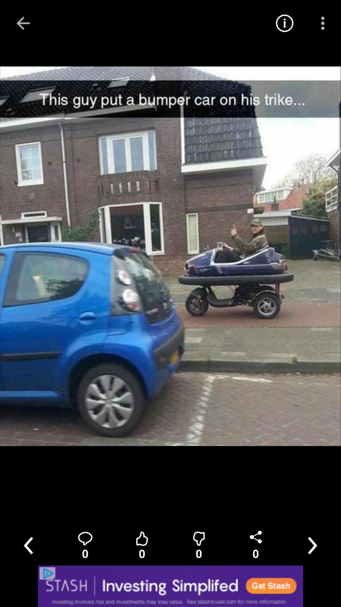 The image size is (341, 607). Describe the element at coordinates (85, 538) in the screenshot. I see `the location icon` at that location.